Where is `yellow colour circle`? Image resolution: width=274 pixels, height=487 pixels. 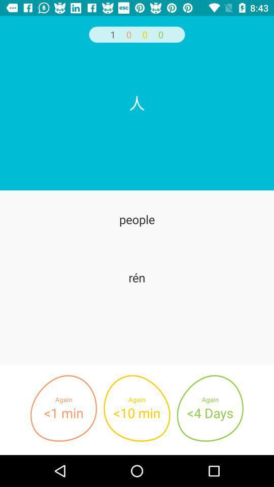 yellow colour circle is located at coordinates (137, 408).